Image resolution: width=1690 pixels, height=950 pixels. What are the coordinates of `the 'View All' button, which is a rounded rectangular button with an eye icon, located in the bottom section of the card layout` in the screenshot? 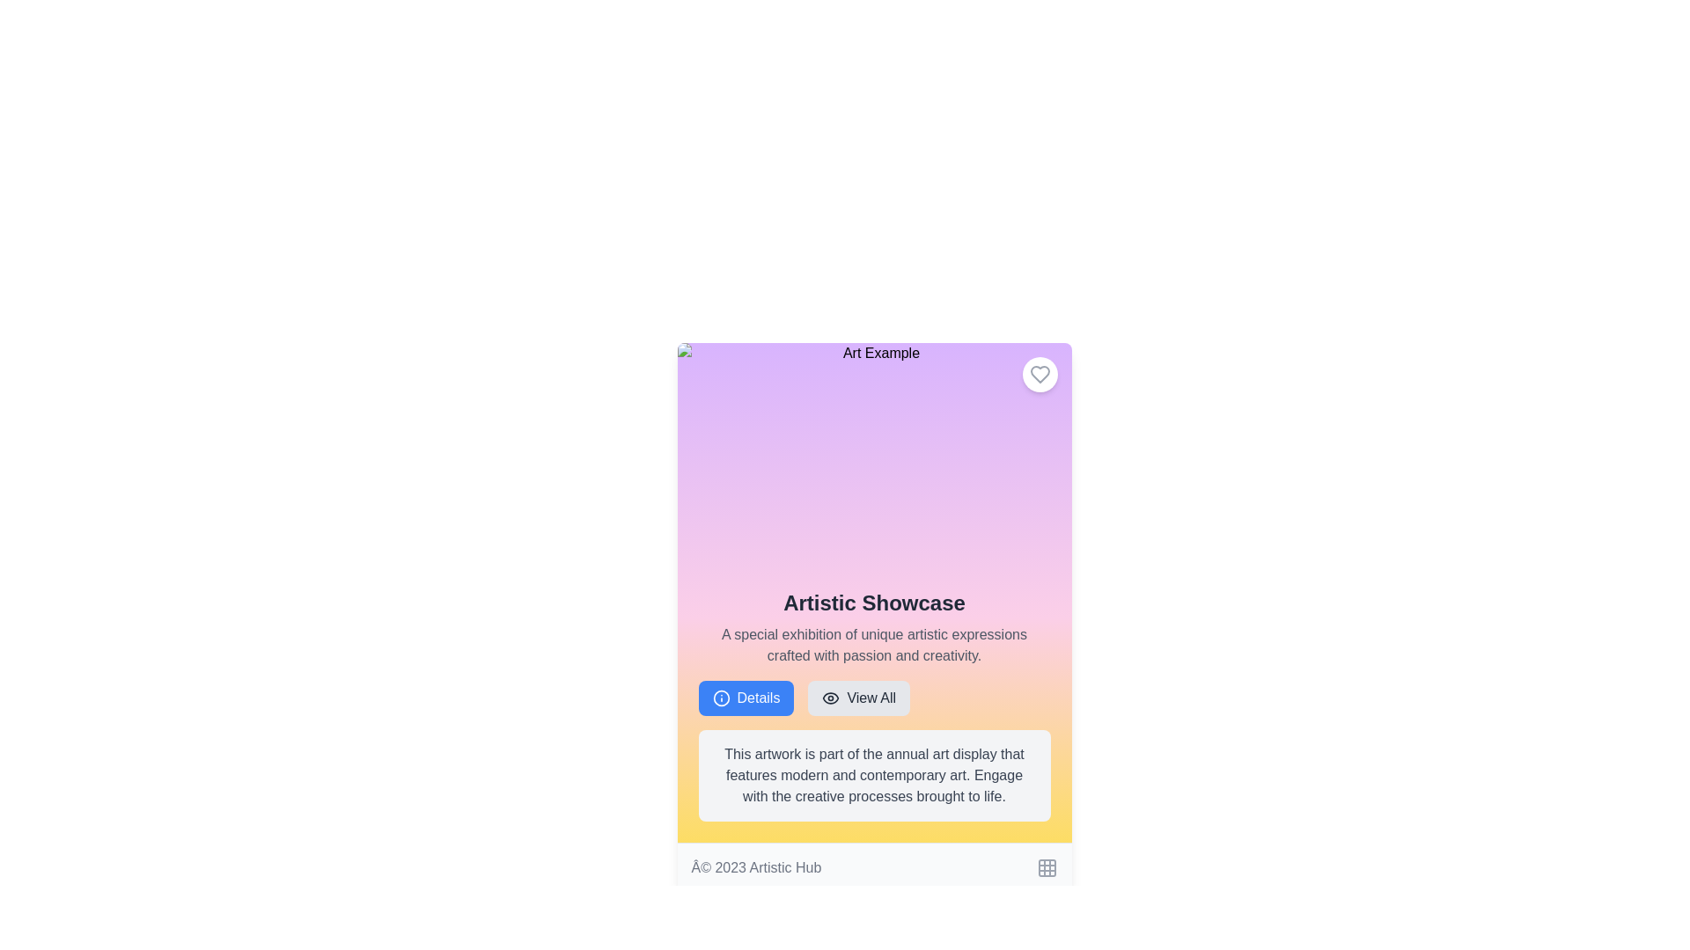 It's located at (858, 698).